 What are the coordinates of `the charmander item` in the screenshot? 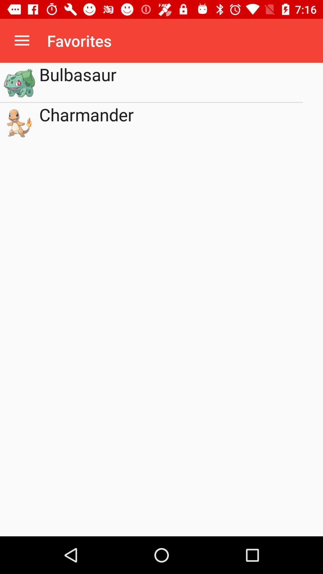 It's located at (171, 122).